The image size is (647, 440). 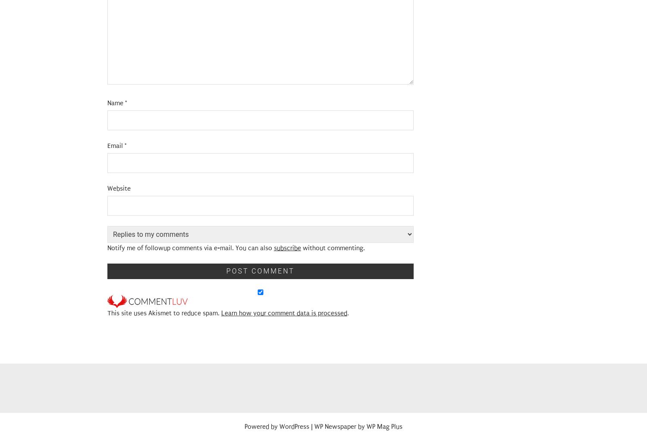 I want to click on 'This site uses Akismet to reduce spam.', so click(x=163, y=313).